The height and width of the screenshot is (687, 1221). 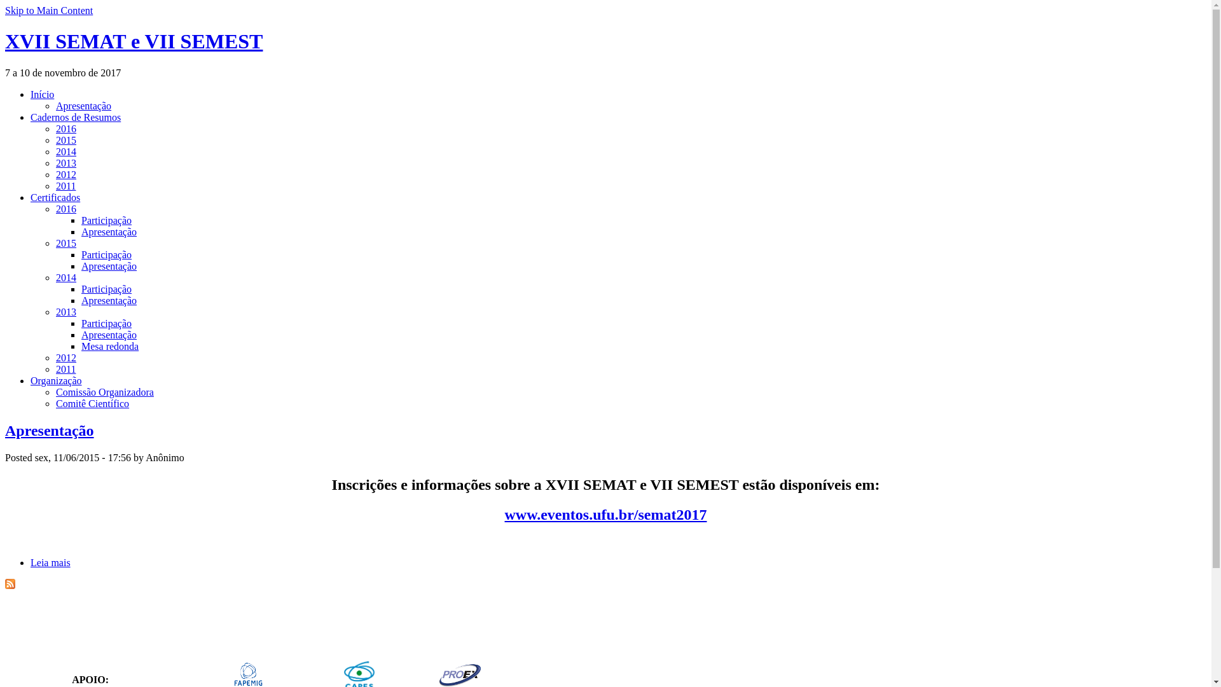 I want to click on 'www.eventos.ufu.br/semat2017', so click(x=605, y=514).